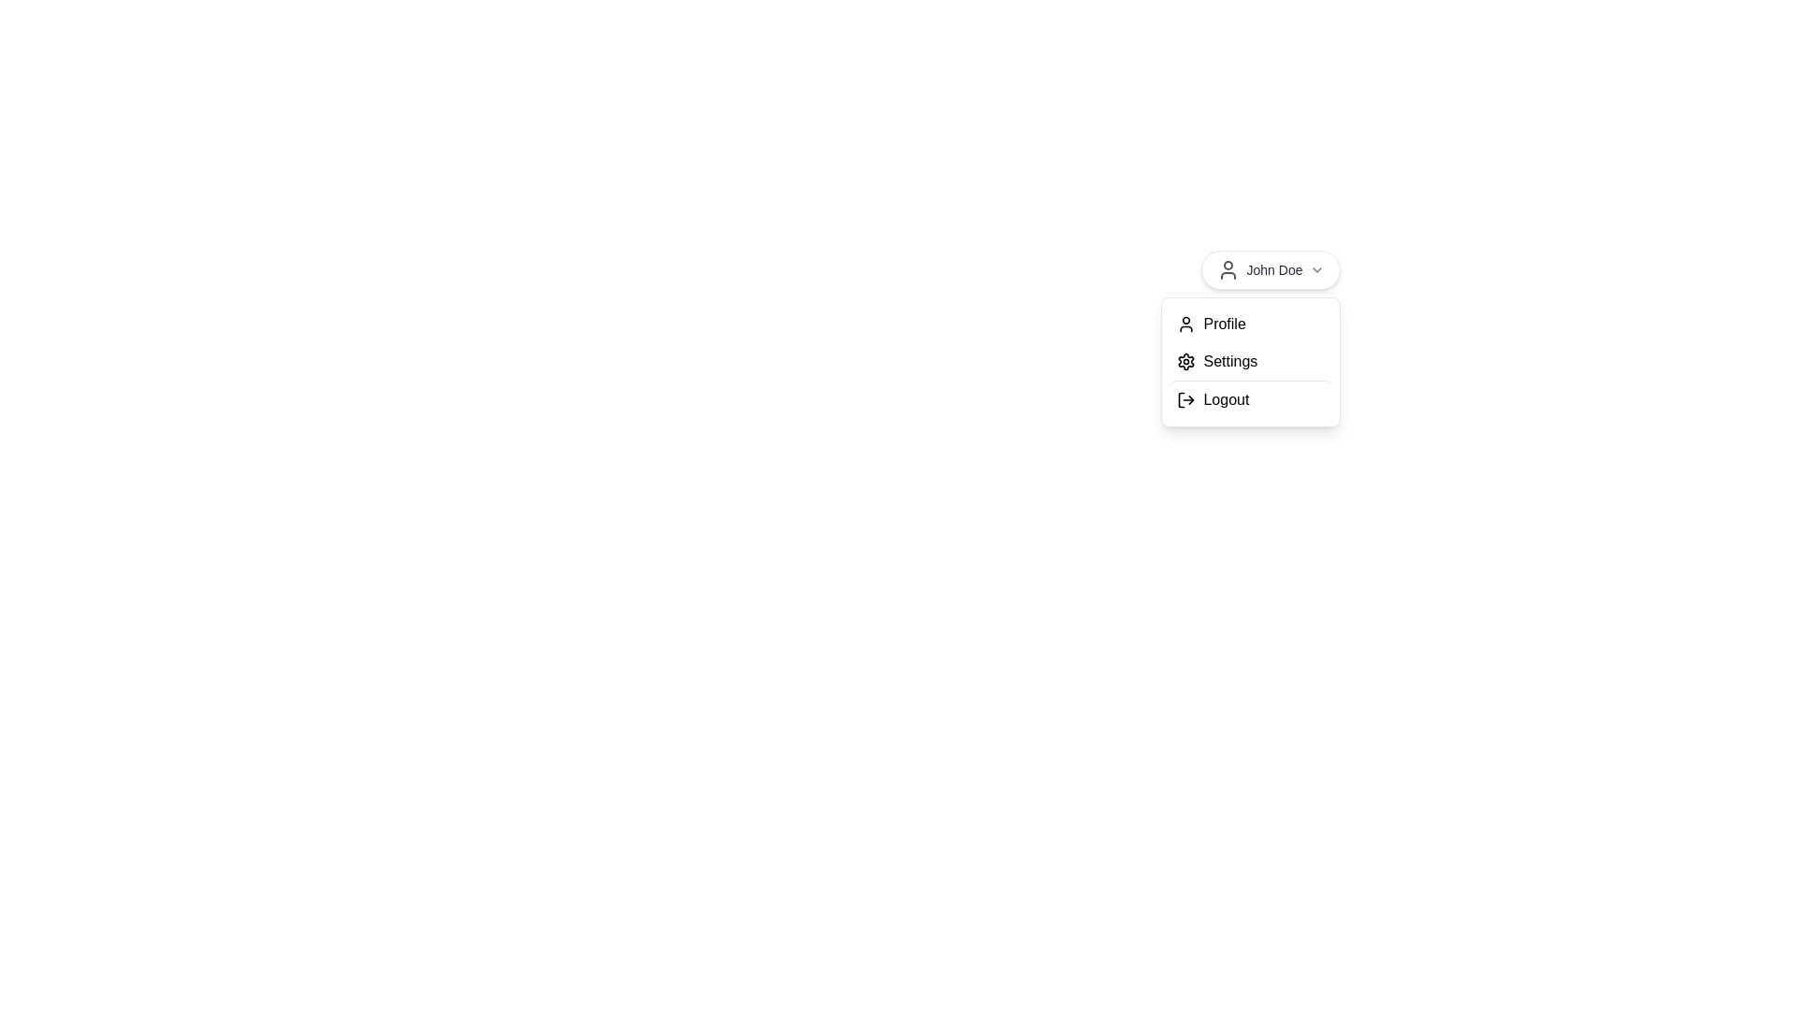  Describe the element at coordinates (1185, 324) in the screenshot. I see `SVG icon representing the 'Profile' option in the menu, which is the first element in the sequence, located at the leftmost side of the 'Profile' menu item` at that location.